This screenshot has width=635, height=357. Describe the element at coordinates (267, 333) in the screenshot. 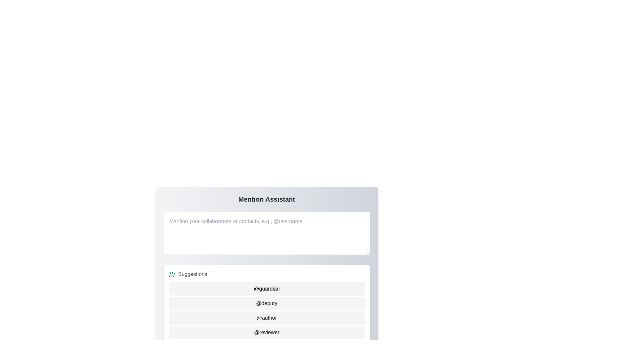

I see `on the '@reviewer' interactive label located as the last item in the Suggestions list` at that location.